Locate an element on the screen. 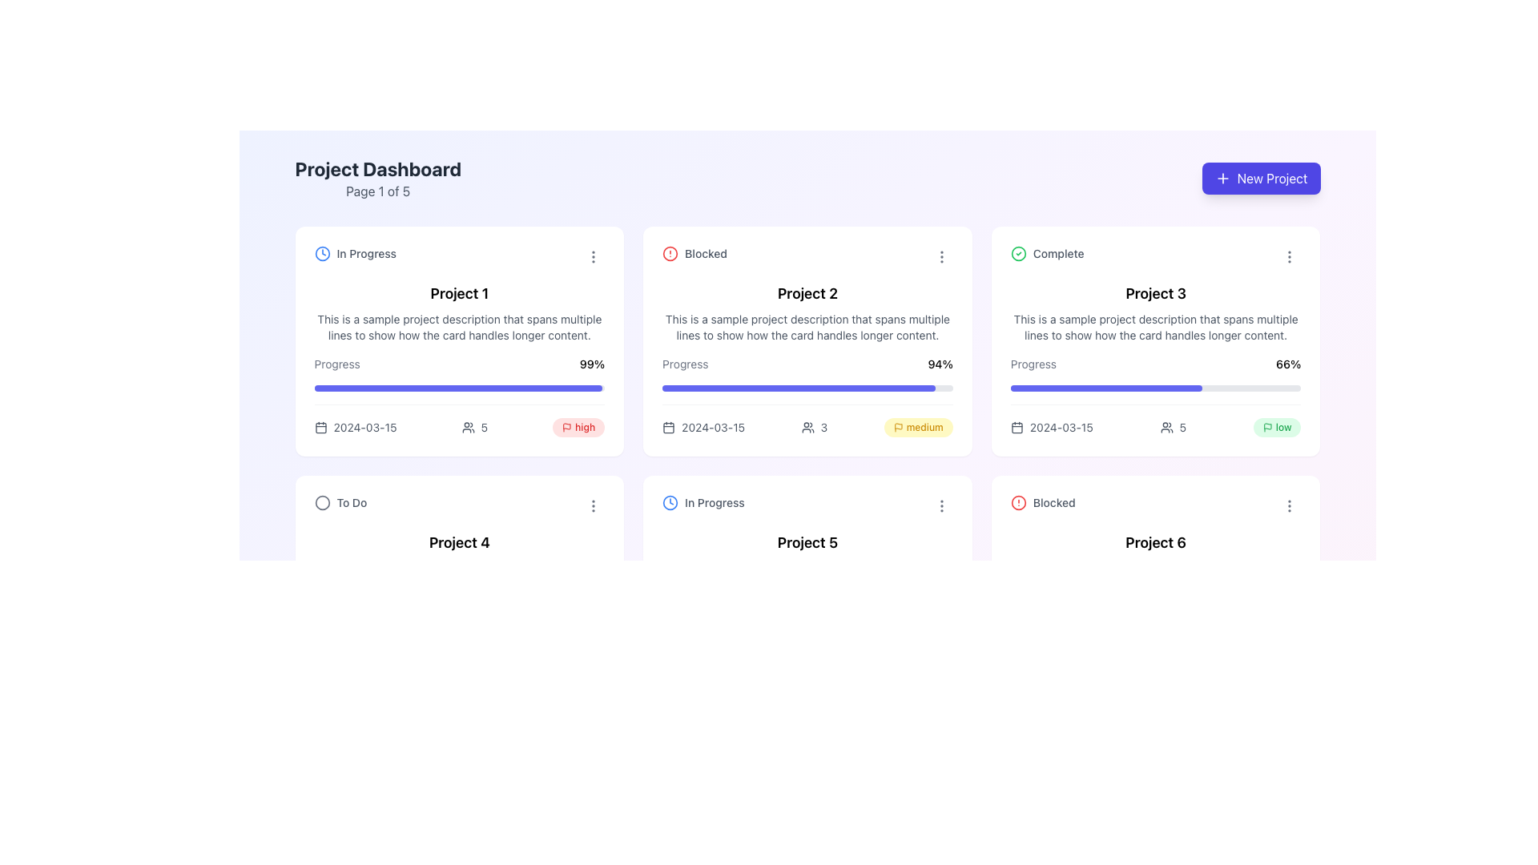  the fourth project card in the dashboard if it is enabled is located at coordinates (458, 590).